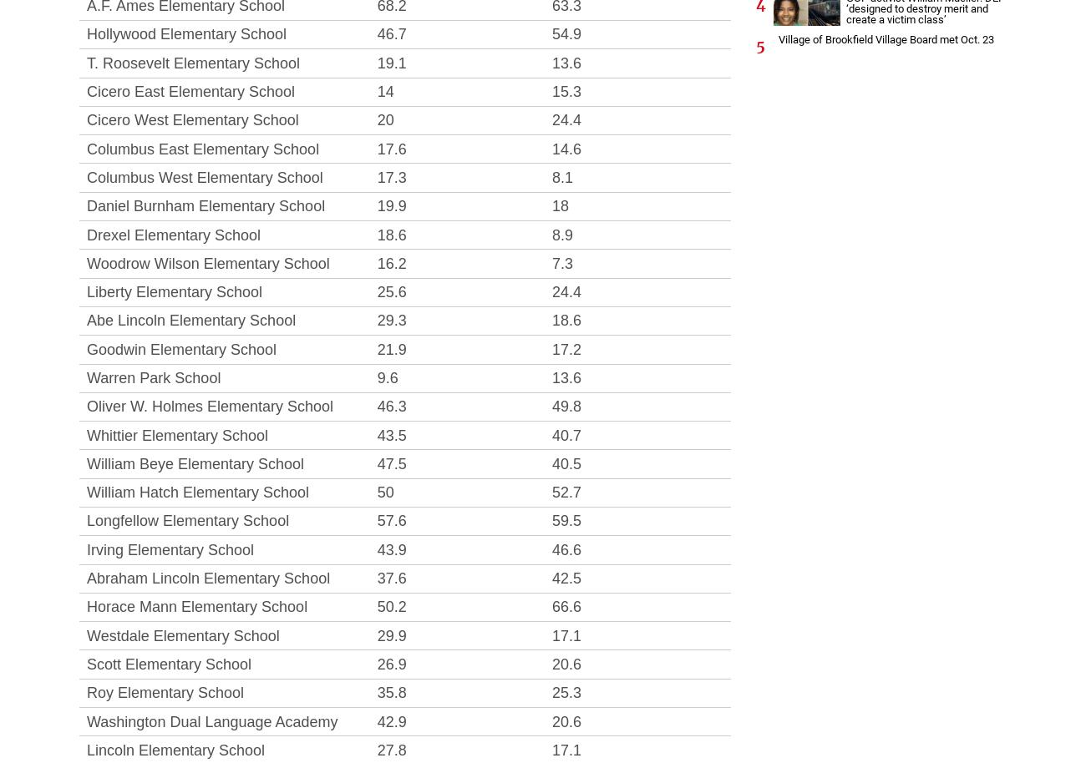 The height and width of the screenshot is (763, 1086). Describe the element at coordinates (175, 291) in the screenshot. I see `'Liberty Elementary School'` at that location.